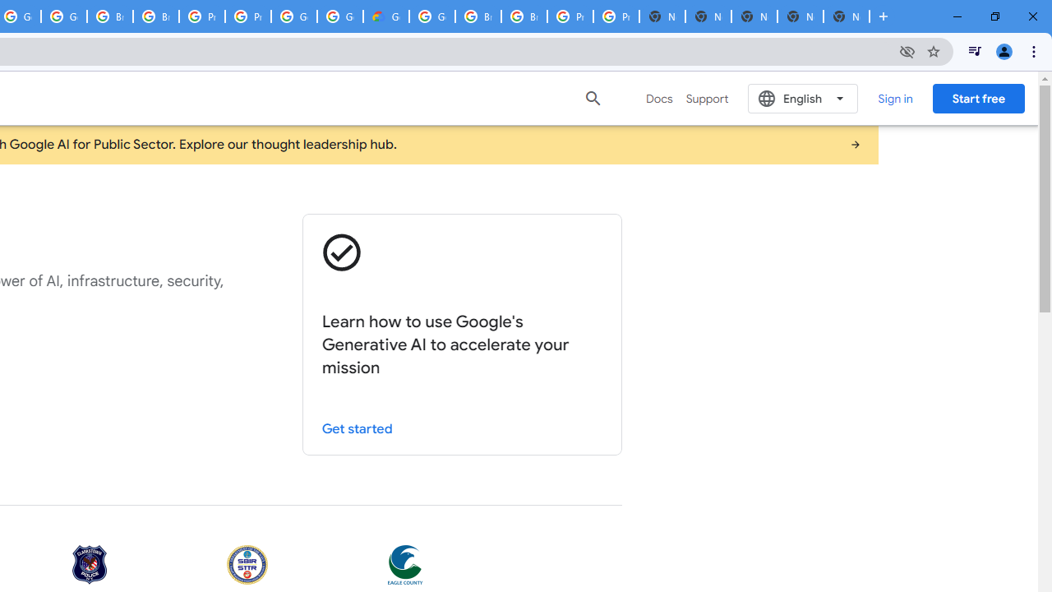 Image resolution: width=1052 pixels, height=592 pixels. What do you see at coordinates (478, 16) in the screenshot?
I see `'Browse Chrome as a guest - Computer - Google Chrome Help'` at bounding box center [478, 16].